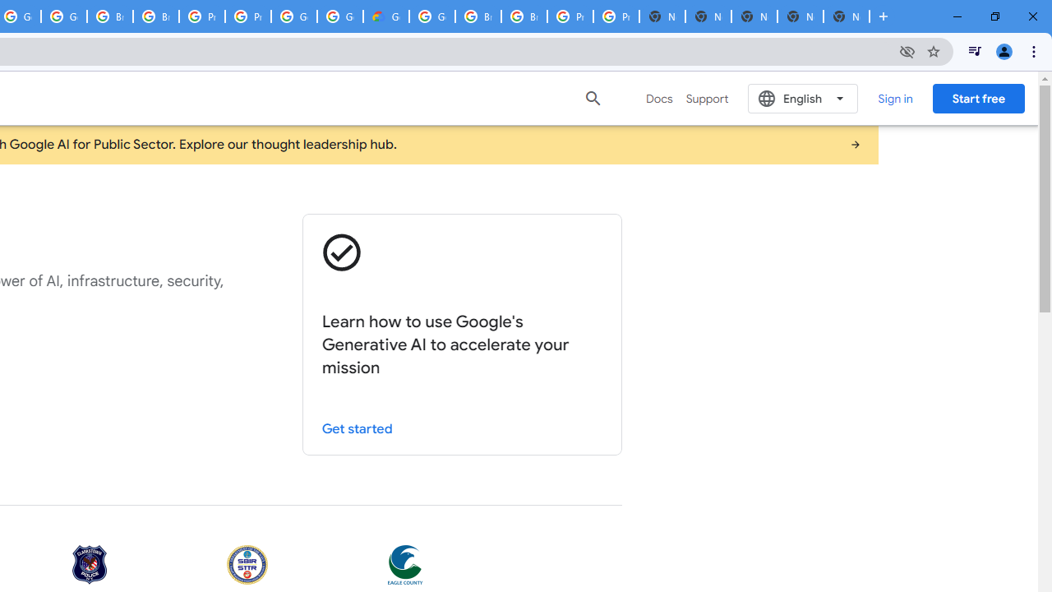 Image resolution: width=1052 pixels, height=592 pixels. What do you see at coordinates (478, 16) in the screenshot?
I see `'Browse Chrome as a guest - Computer - Google Chrome Help'` at bounding box center [478, 16].